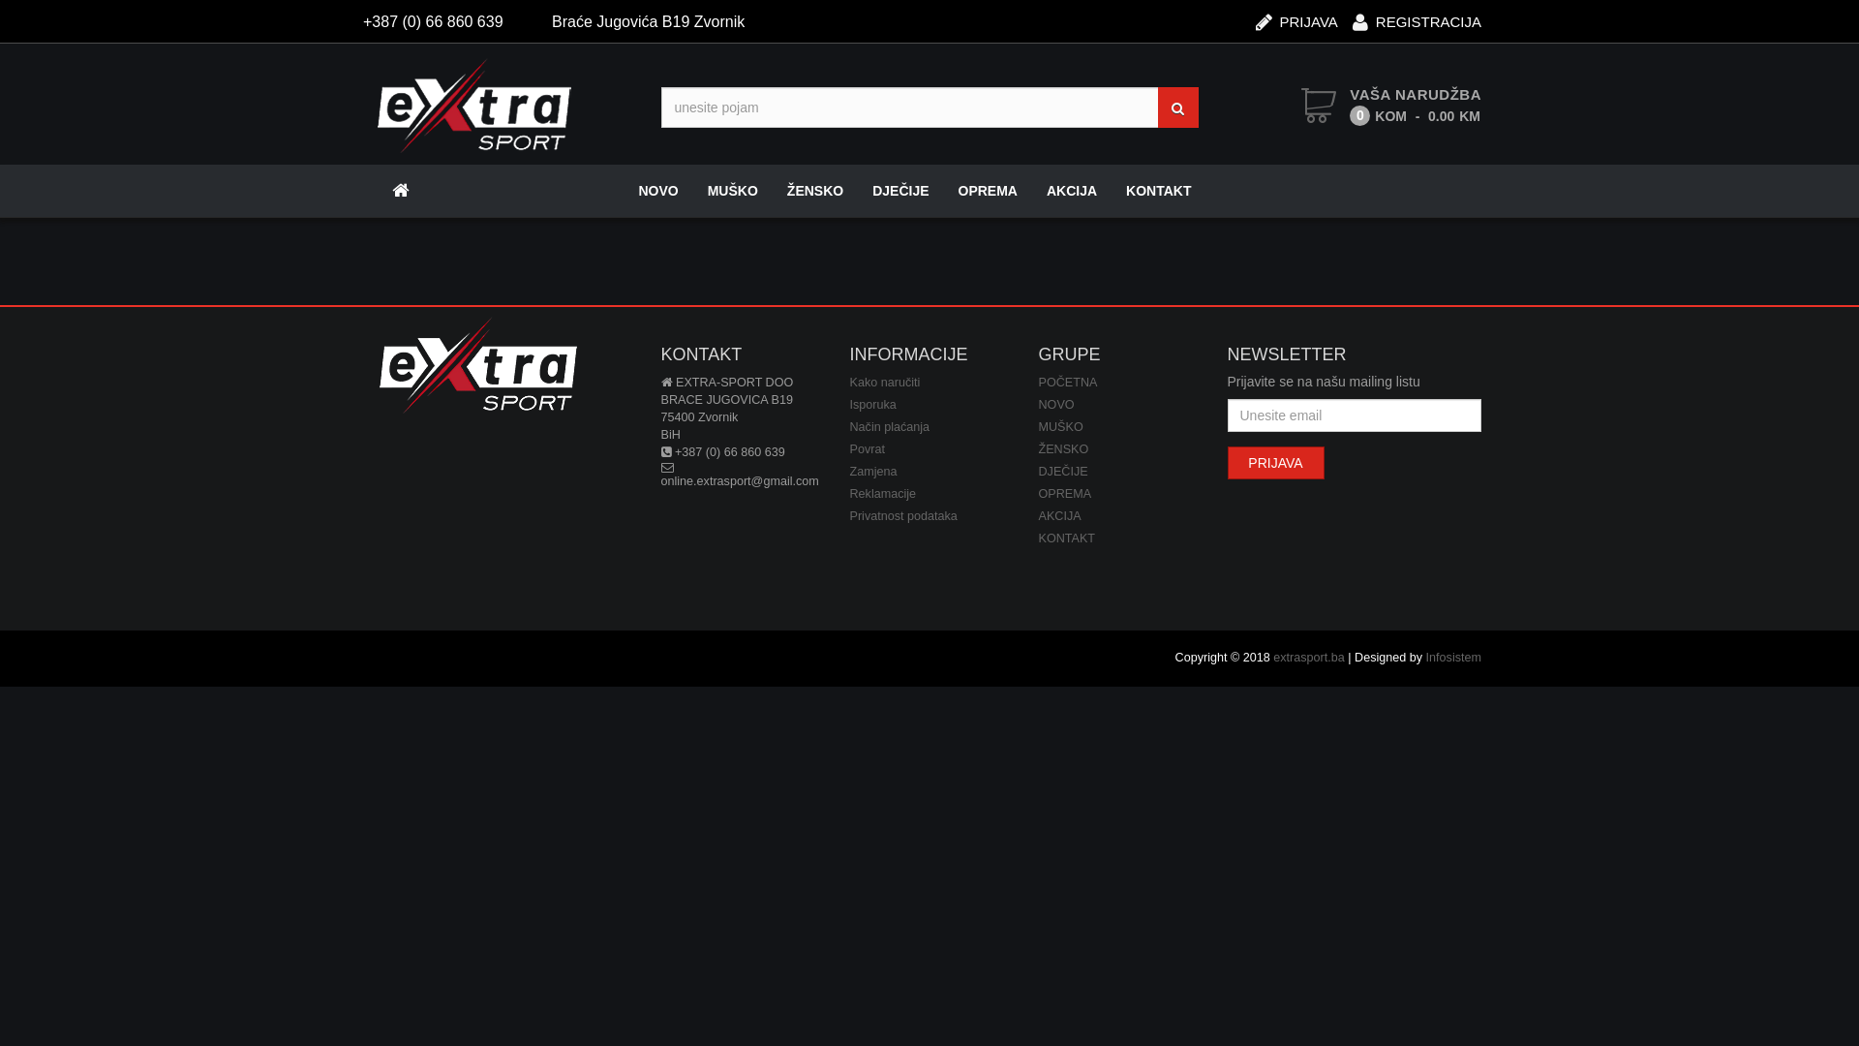  I want to click on 'Zamjena', so click(872, 471).